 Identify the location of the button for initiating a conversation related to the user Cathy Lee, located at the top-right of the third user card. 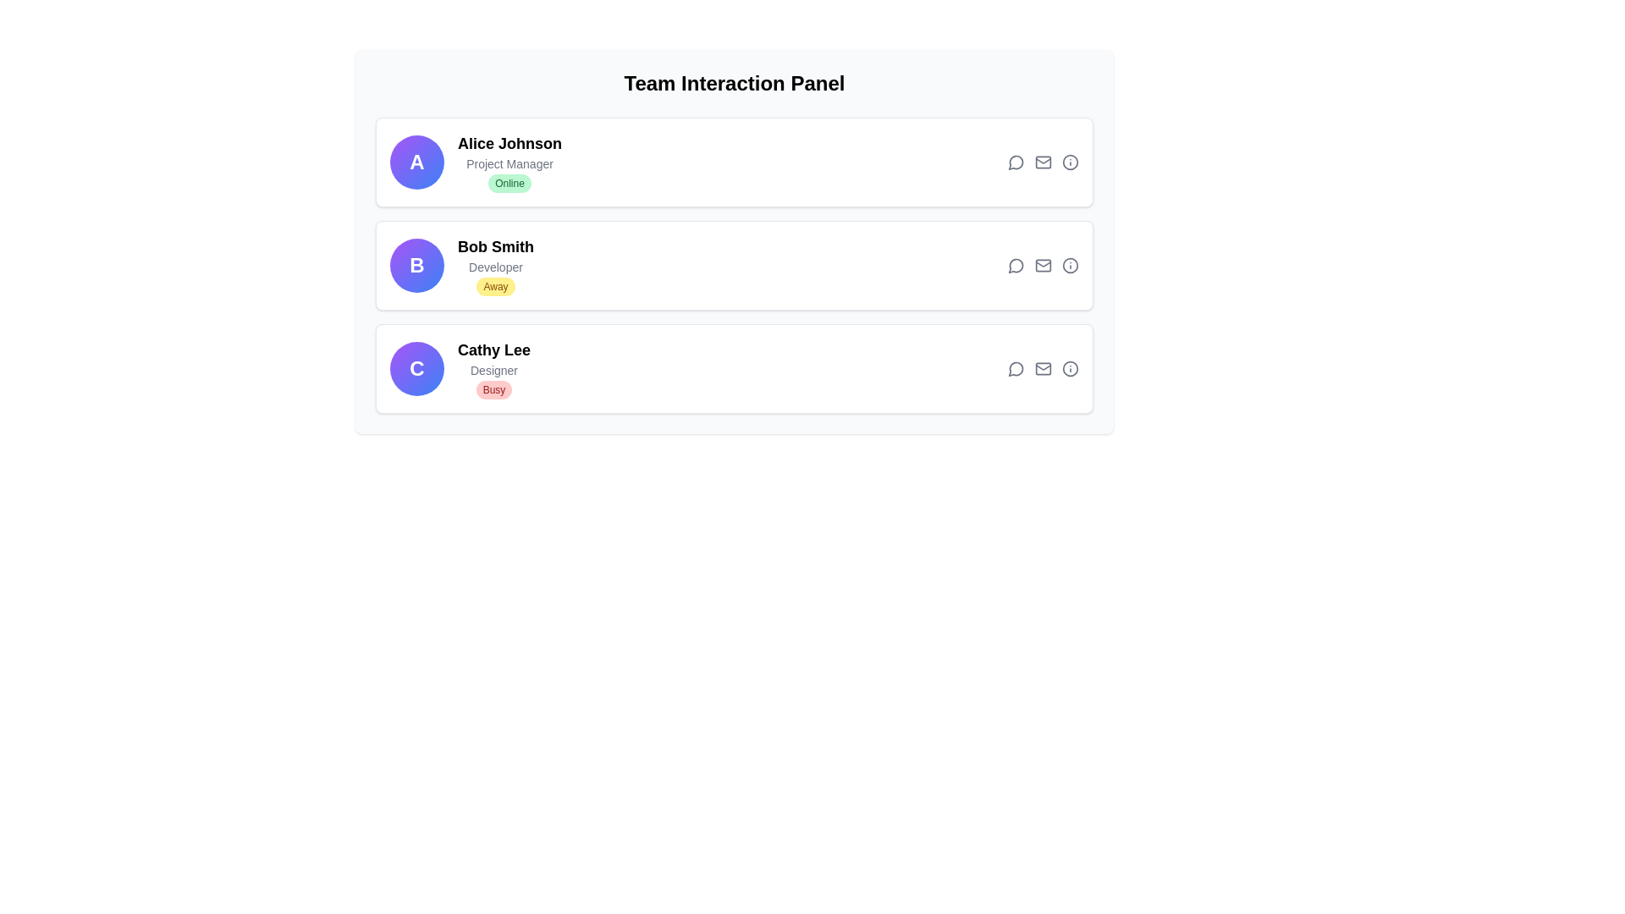
(1016, 367).